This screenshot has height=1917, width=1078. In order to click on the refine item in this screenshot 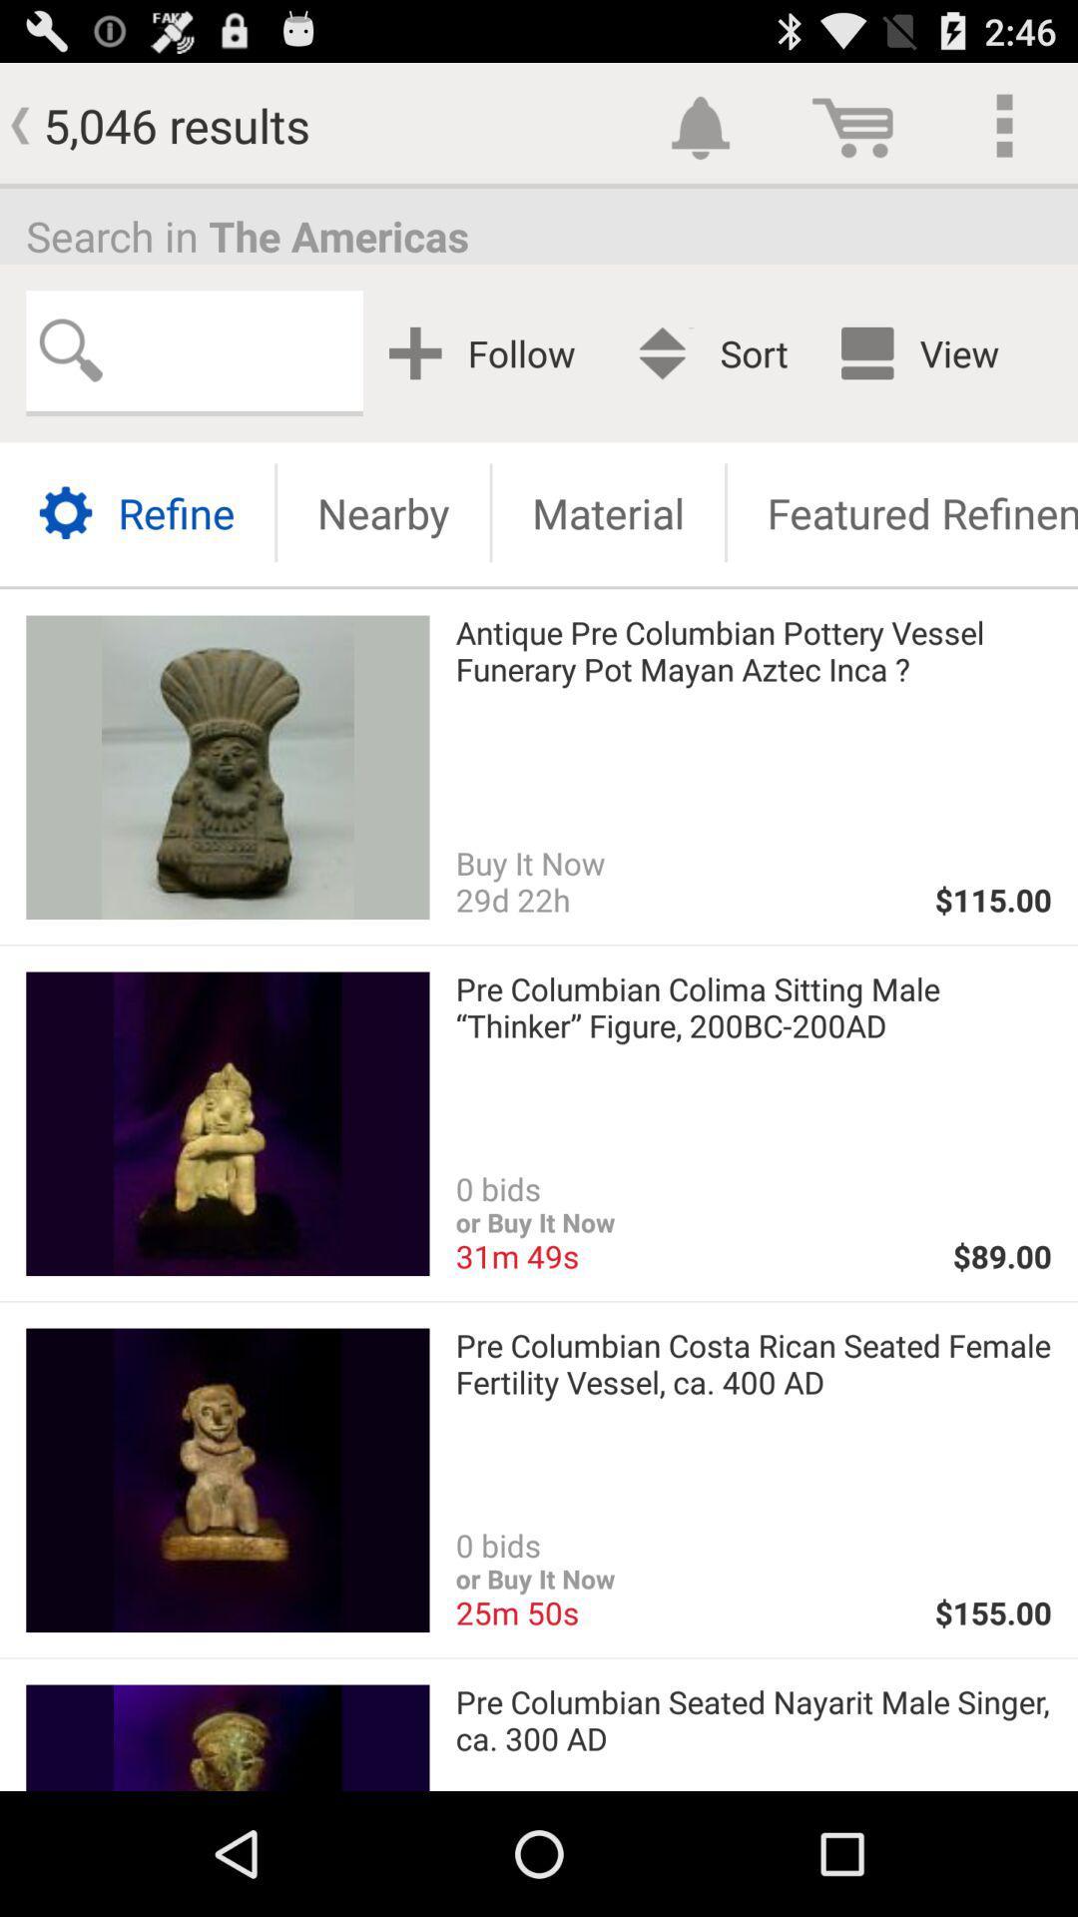, I will do `click(136, 512)`.